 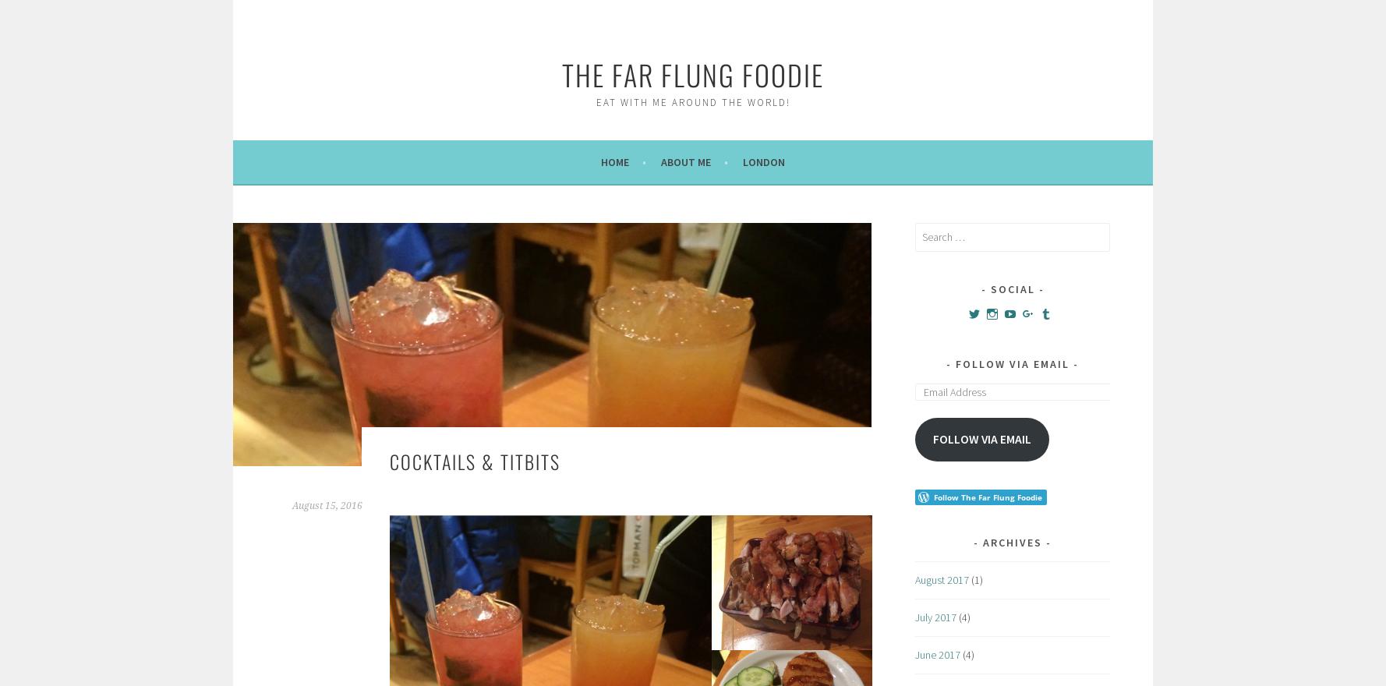 I want to click on 'July 2017', so click(x=935, y=617).